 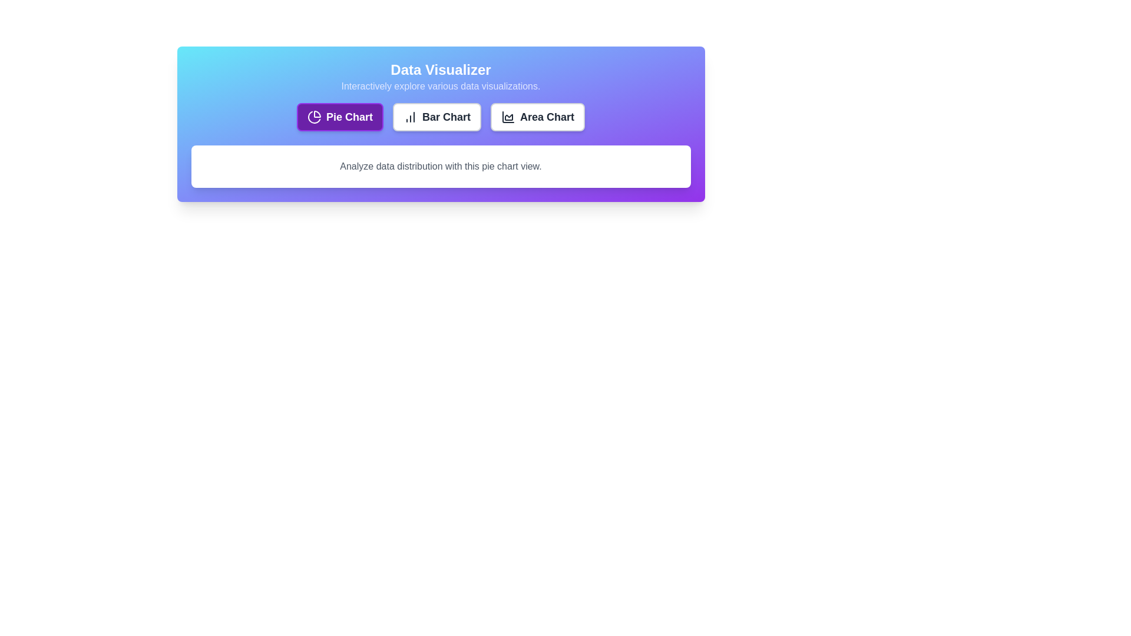 What do you see at coordinates (537, 117) in the screenshot?
I see `the Area Chart tab in the DataVisualizerTabs component` at bounding box center [537, 117].